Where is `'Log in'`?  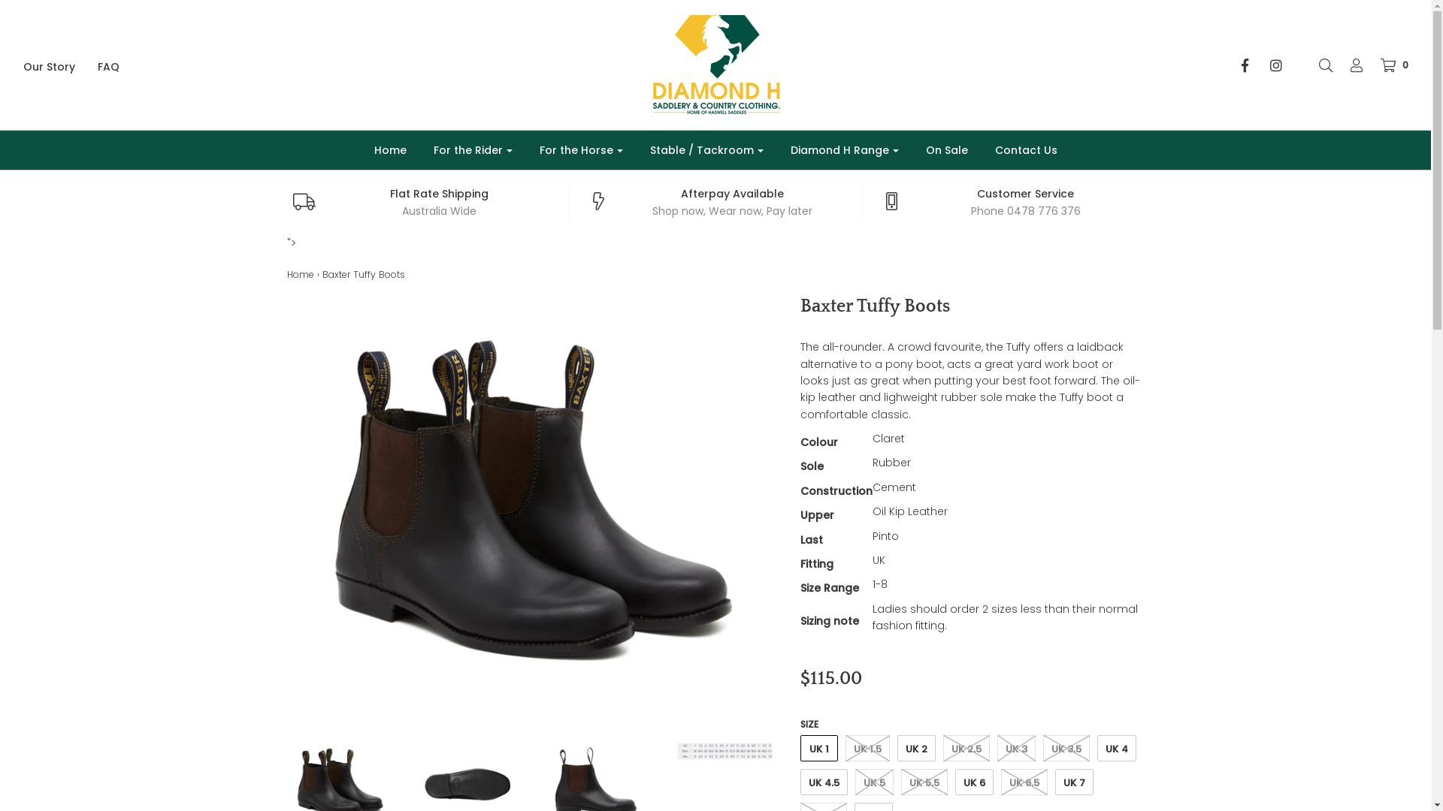
'Log in' is located at coordinates (1349, 65).